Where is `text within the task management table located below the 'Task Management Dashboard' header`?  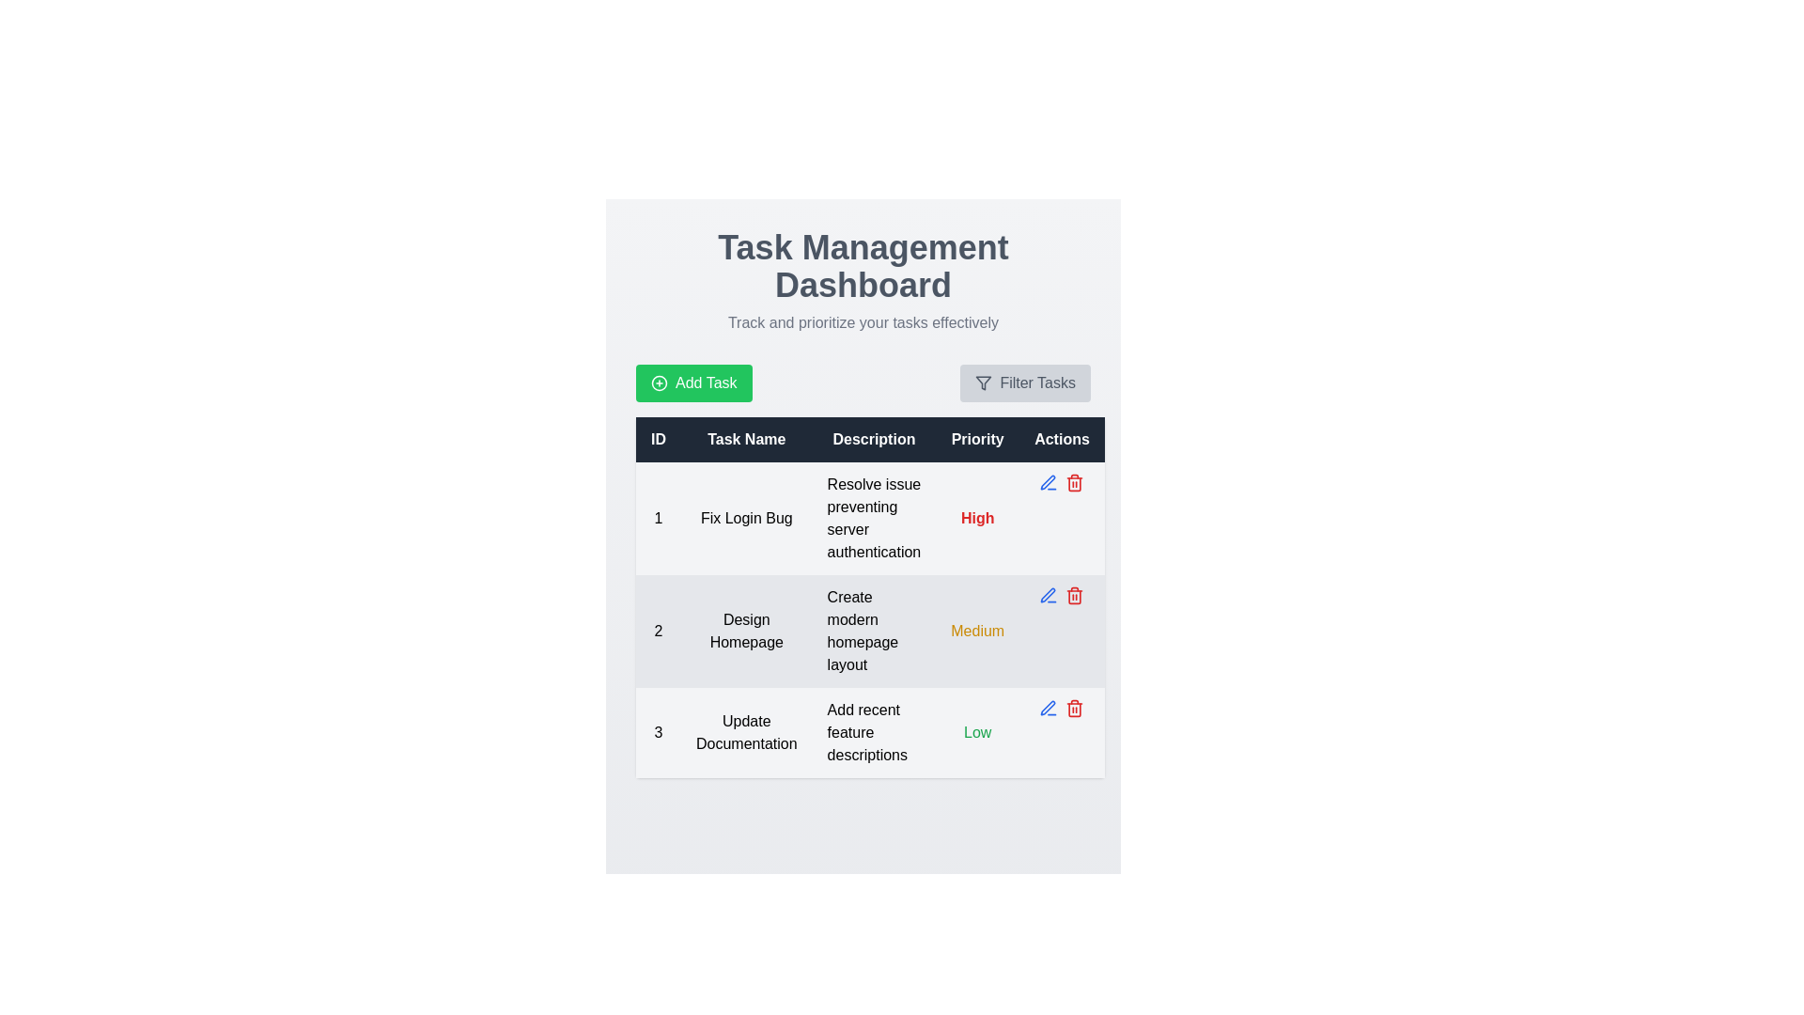 text within the task management table located below the 'Task Management Dashboard' header is located at coordinates (869, 598).